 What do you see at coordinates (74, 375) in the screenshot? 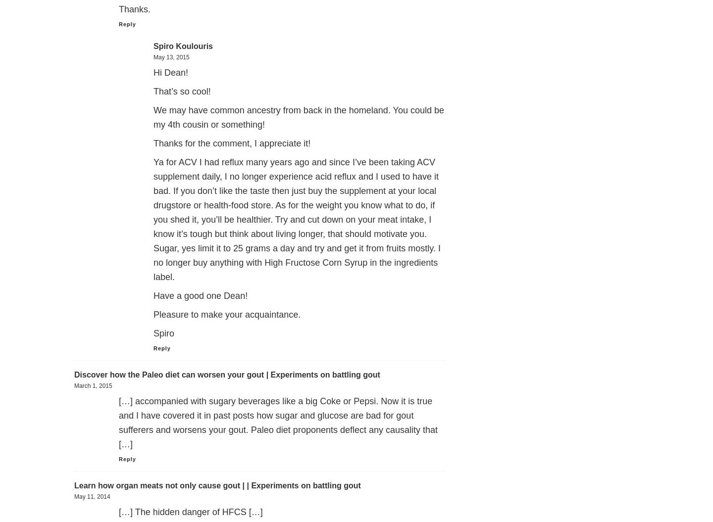
I see `'Discover how the Paleo diet can worsen your gout | Experiments on battling gout'` at bounding box center [74, 375].